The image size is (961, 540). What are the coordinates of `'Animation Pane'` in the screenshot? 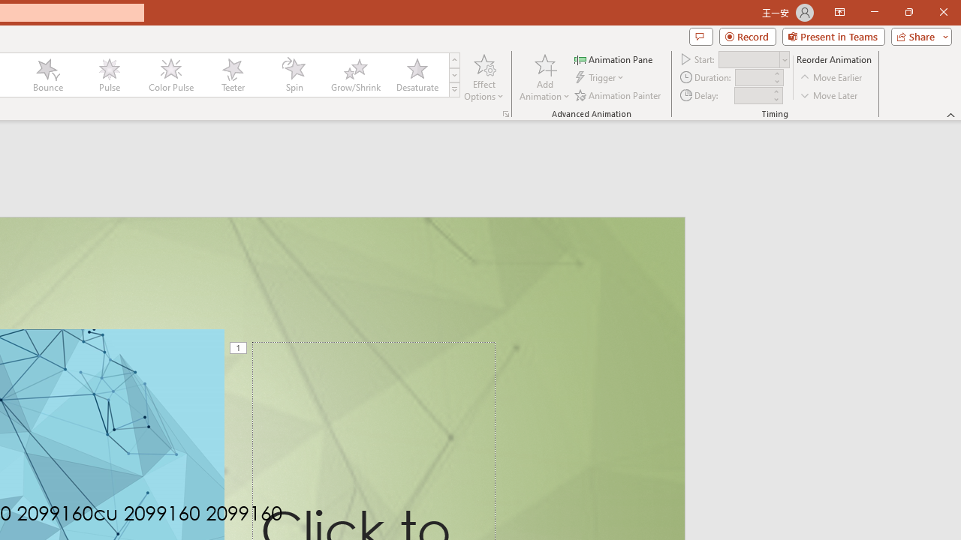 It's located at (614, 58).